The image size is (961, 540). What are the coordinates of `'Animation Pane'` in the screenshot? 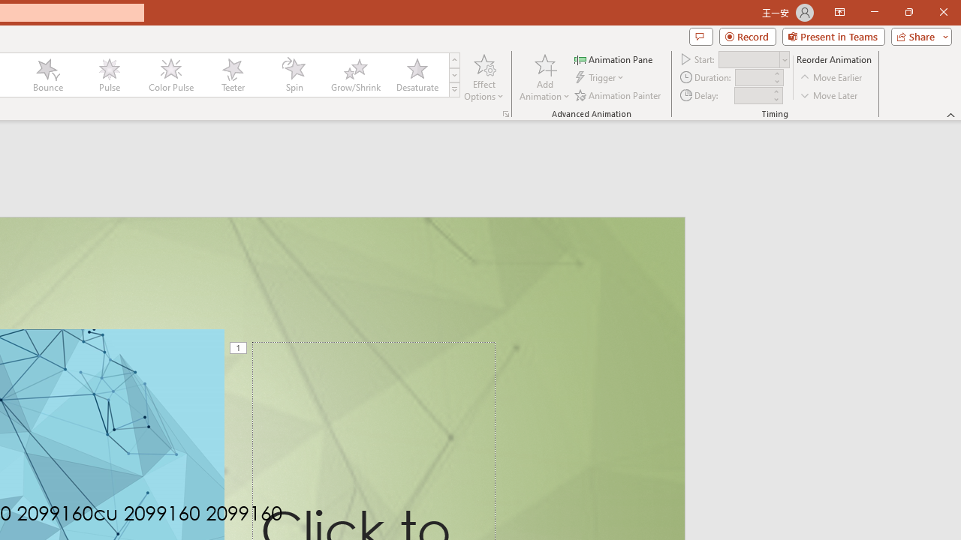 It's located at (614, 58).